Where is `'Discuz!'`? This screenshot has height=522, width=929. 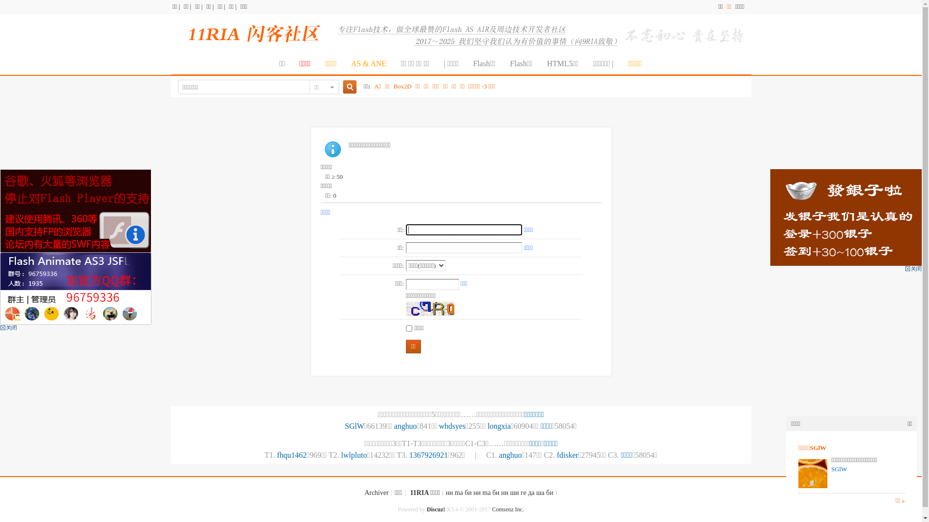 'Discuz!' is located at coordinates (435, 508).